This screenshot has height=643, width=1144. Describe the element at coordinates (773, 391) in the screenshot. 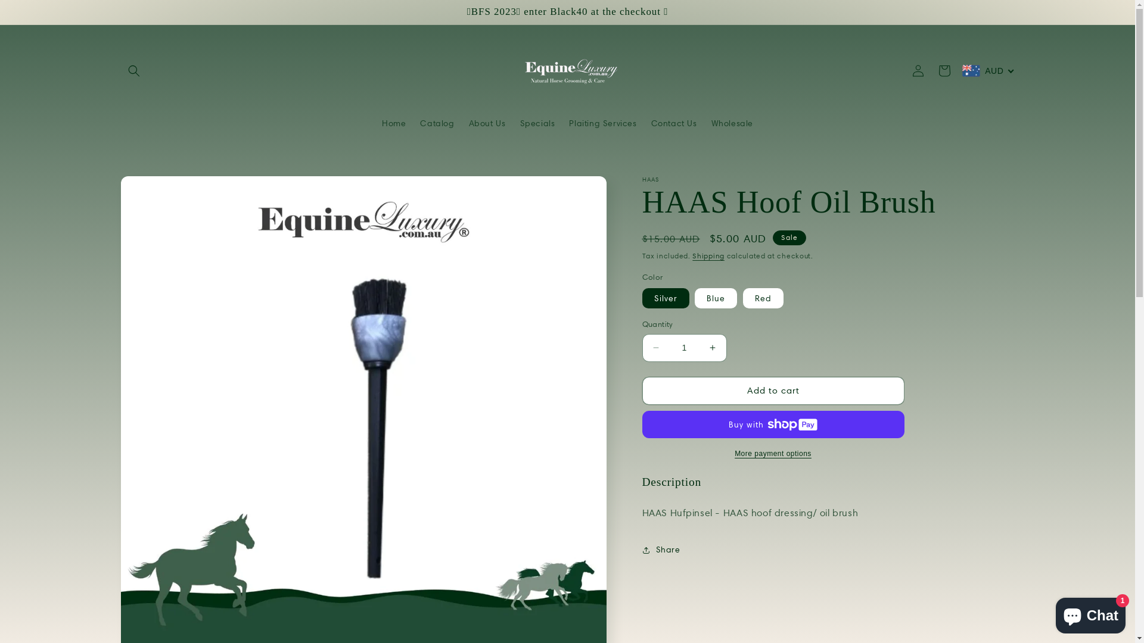

I see `'Add to cart'` at that location.